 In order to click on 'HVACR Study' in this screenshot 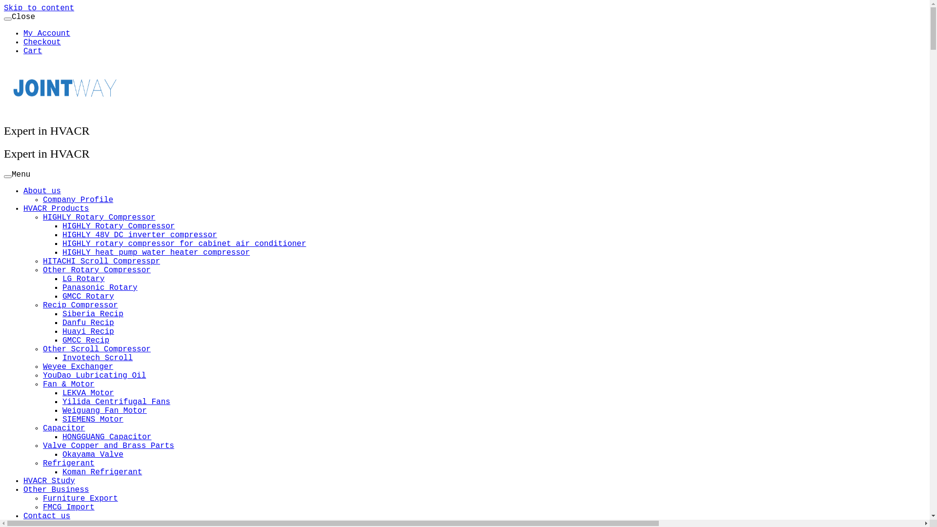, I will do `click(48, 481)`.